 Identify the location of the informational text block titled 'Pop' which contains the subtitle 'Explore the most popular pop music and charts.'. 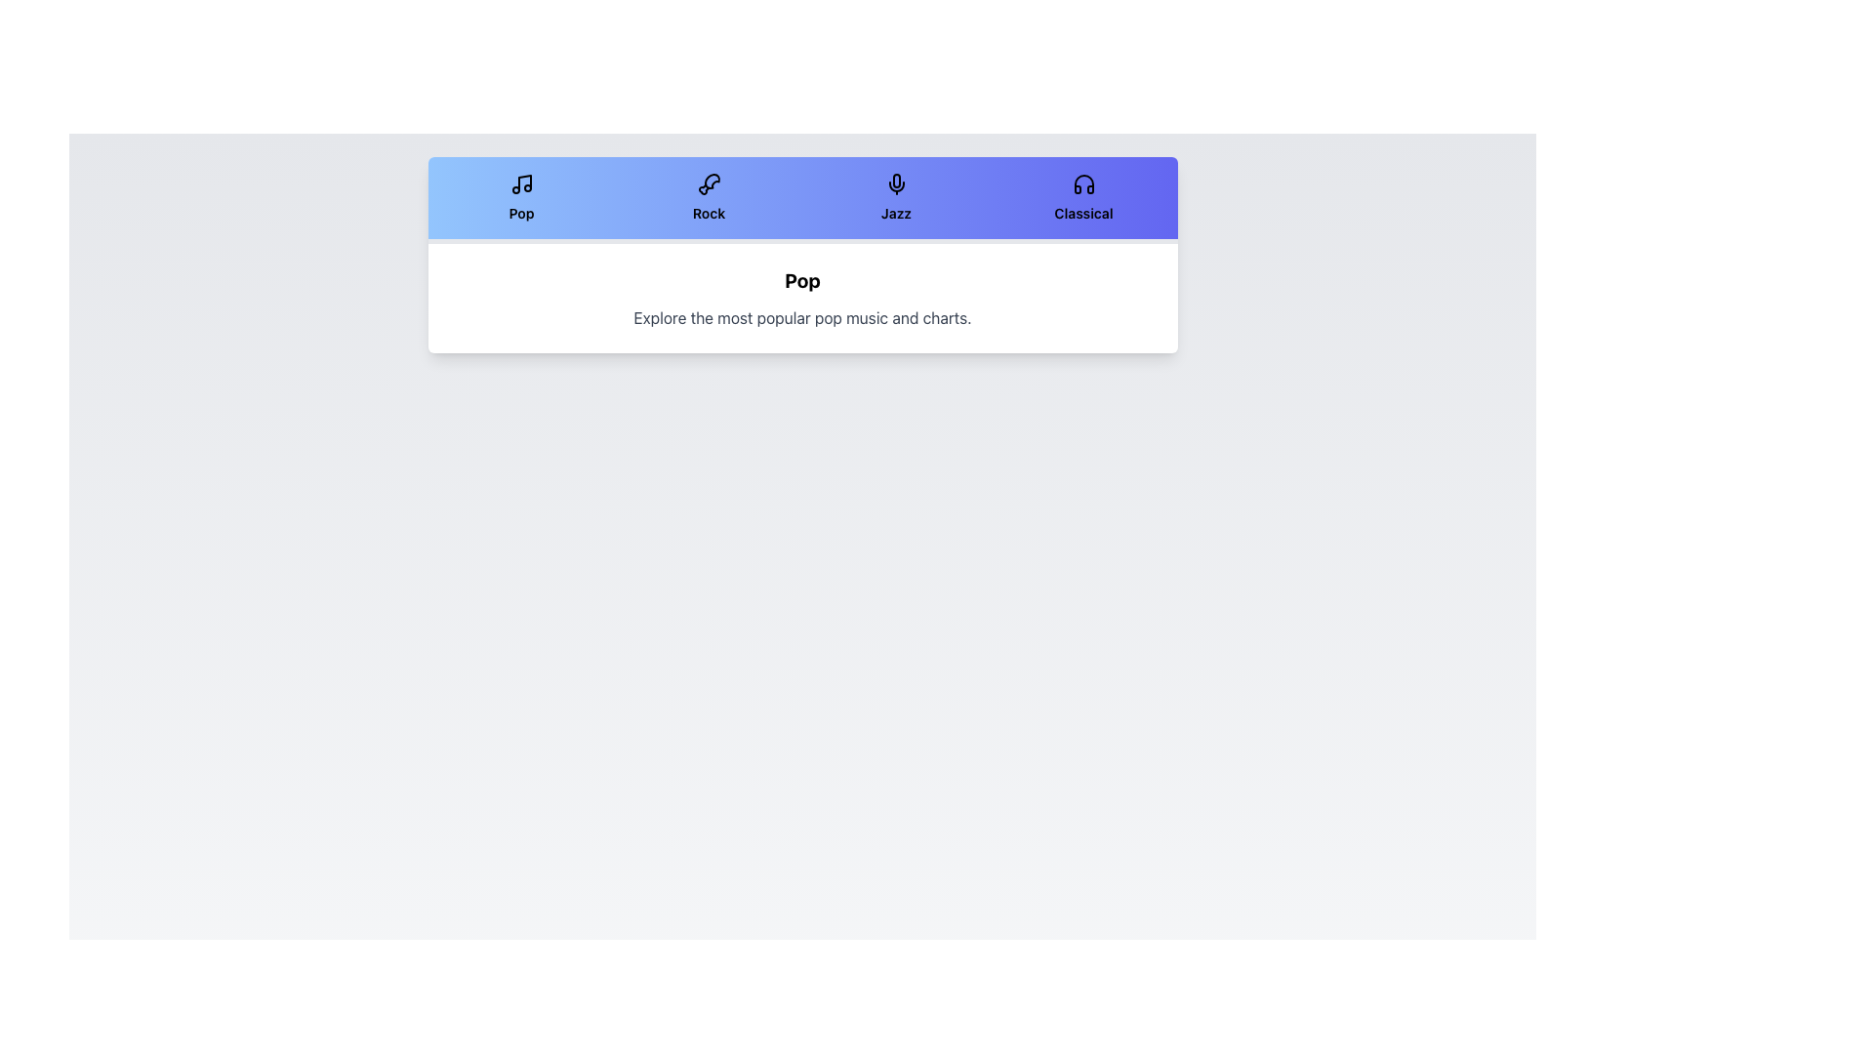
(802, 298).